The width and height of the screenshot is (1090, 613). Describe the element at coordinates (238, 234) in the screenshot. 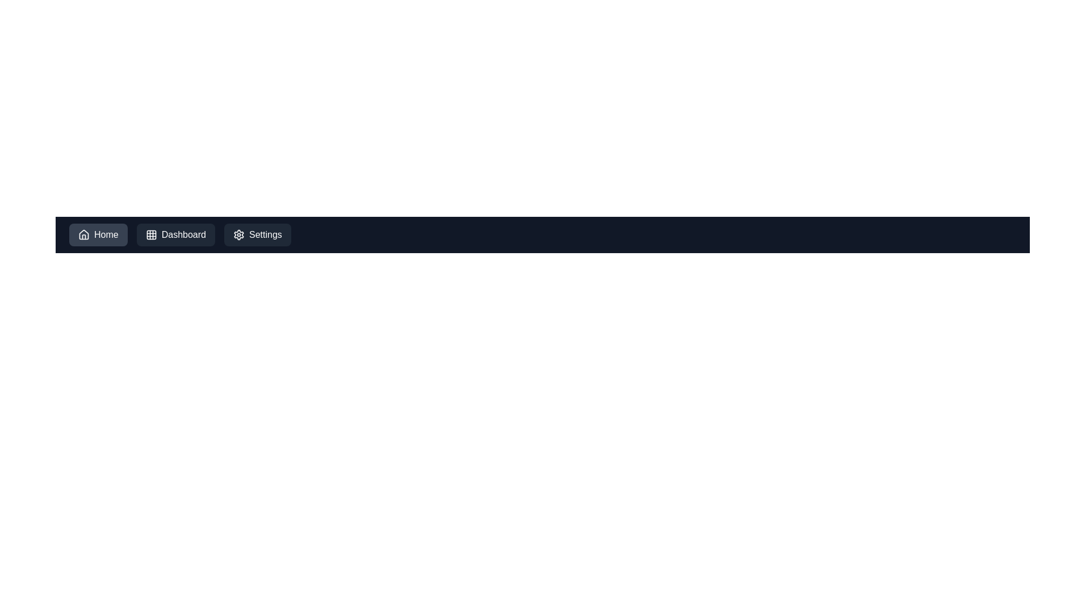

I see `the icon located to the left of the 'Settings' text label in the navigation bar, which visually indicates the purpose of the 'Settings' button` at that location.